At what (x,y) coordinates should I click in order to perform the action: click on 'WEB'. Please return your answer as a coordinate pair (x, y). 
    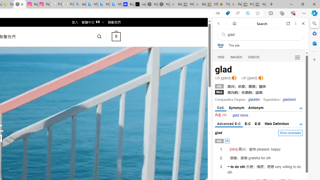
    Looking at the image, I should click on (221, 57).